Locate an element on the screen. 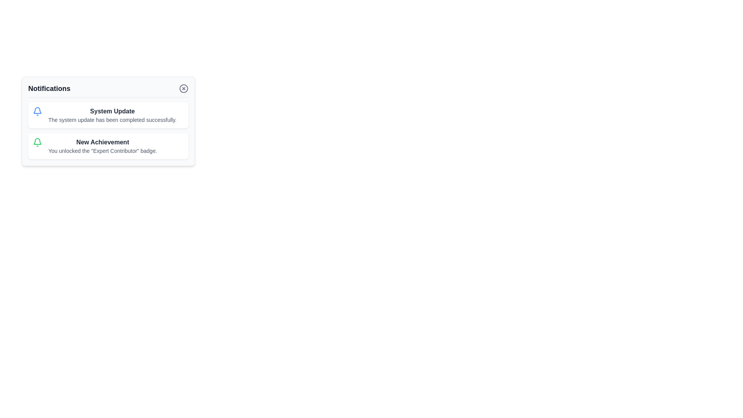  the text label displaying 'New Achievement' in the notification area, which is the second entry of the list is located at coordinates (102, 142).